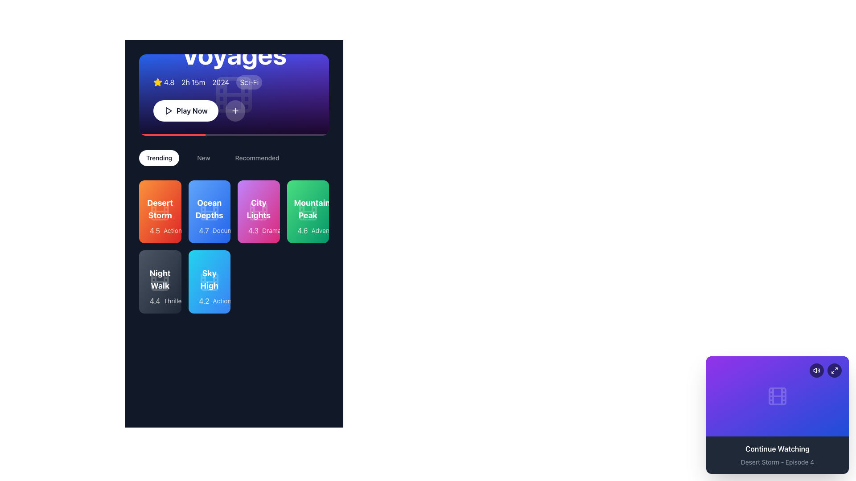  What do you see at coordinates (155, 301) in the screenshot?
I see `the static text label displaying the numerical value '4.4' located below the card titled 'Night Walk' in the bottom-left of the second row of items under 'Trending'` at bounding box center [155, 301].